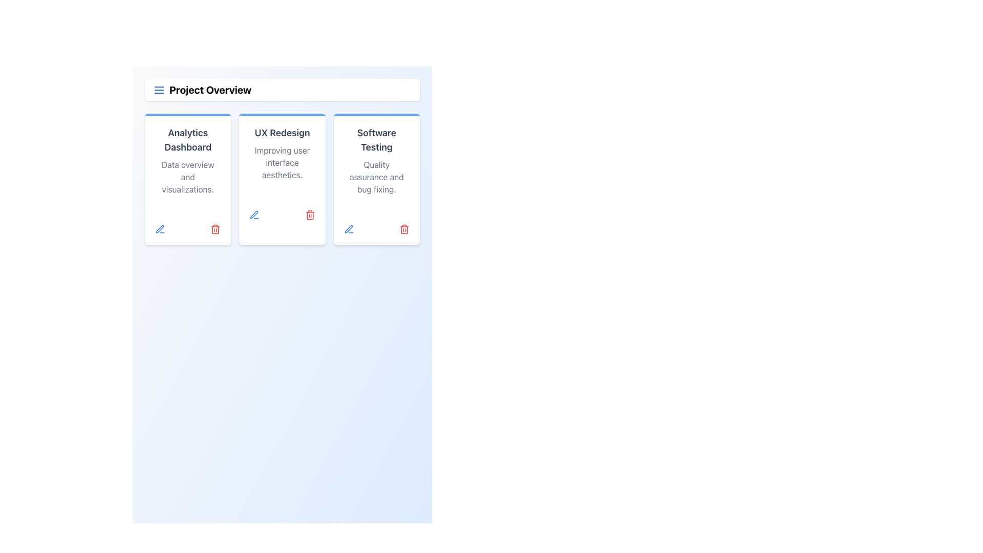 The image size is (983, 553). What do you see at coordinates (309, 215) in the screenshot?
I see `the red trash bin icon button for deletion functionality located in the lower-right corner of the 'UX Redesign' card` at bounding box center [309, 215].